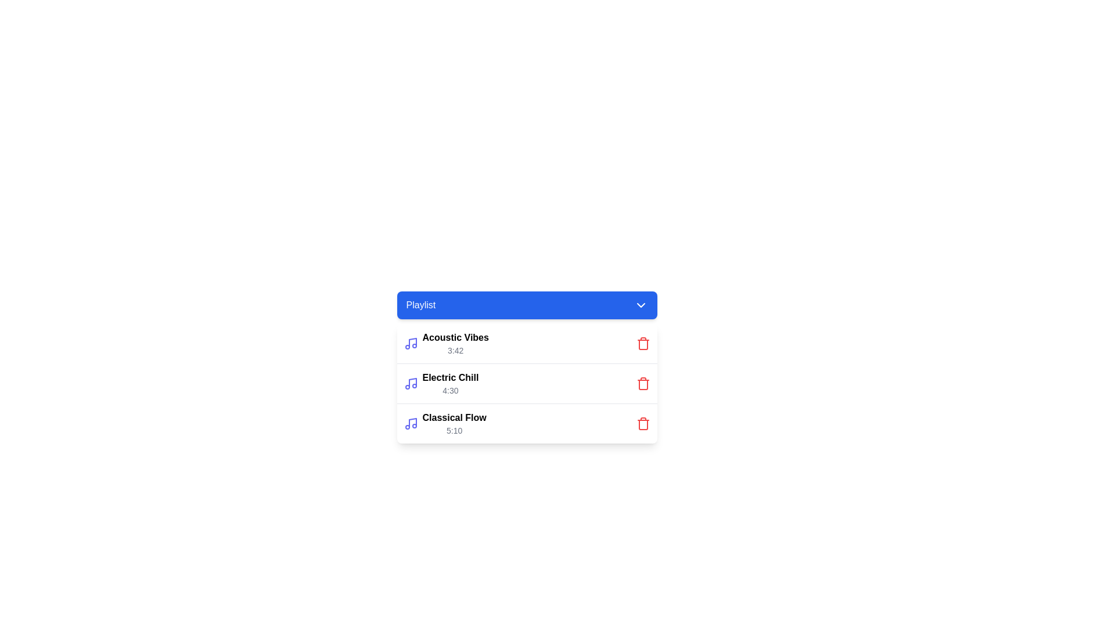  I want to click on the red trashcan icon button located to the right of the song title 'Acoustic Vibes' and its duration '3:42', so click(642, 343).